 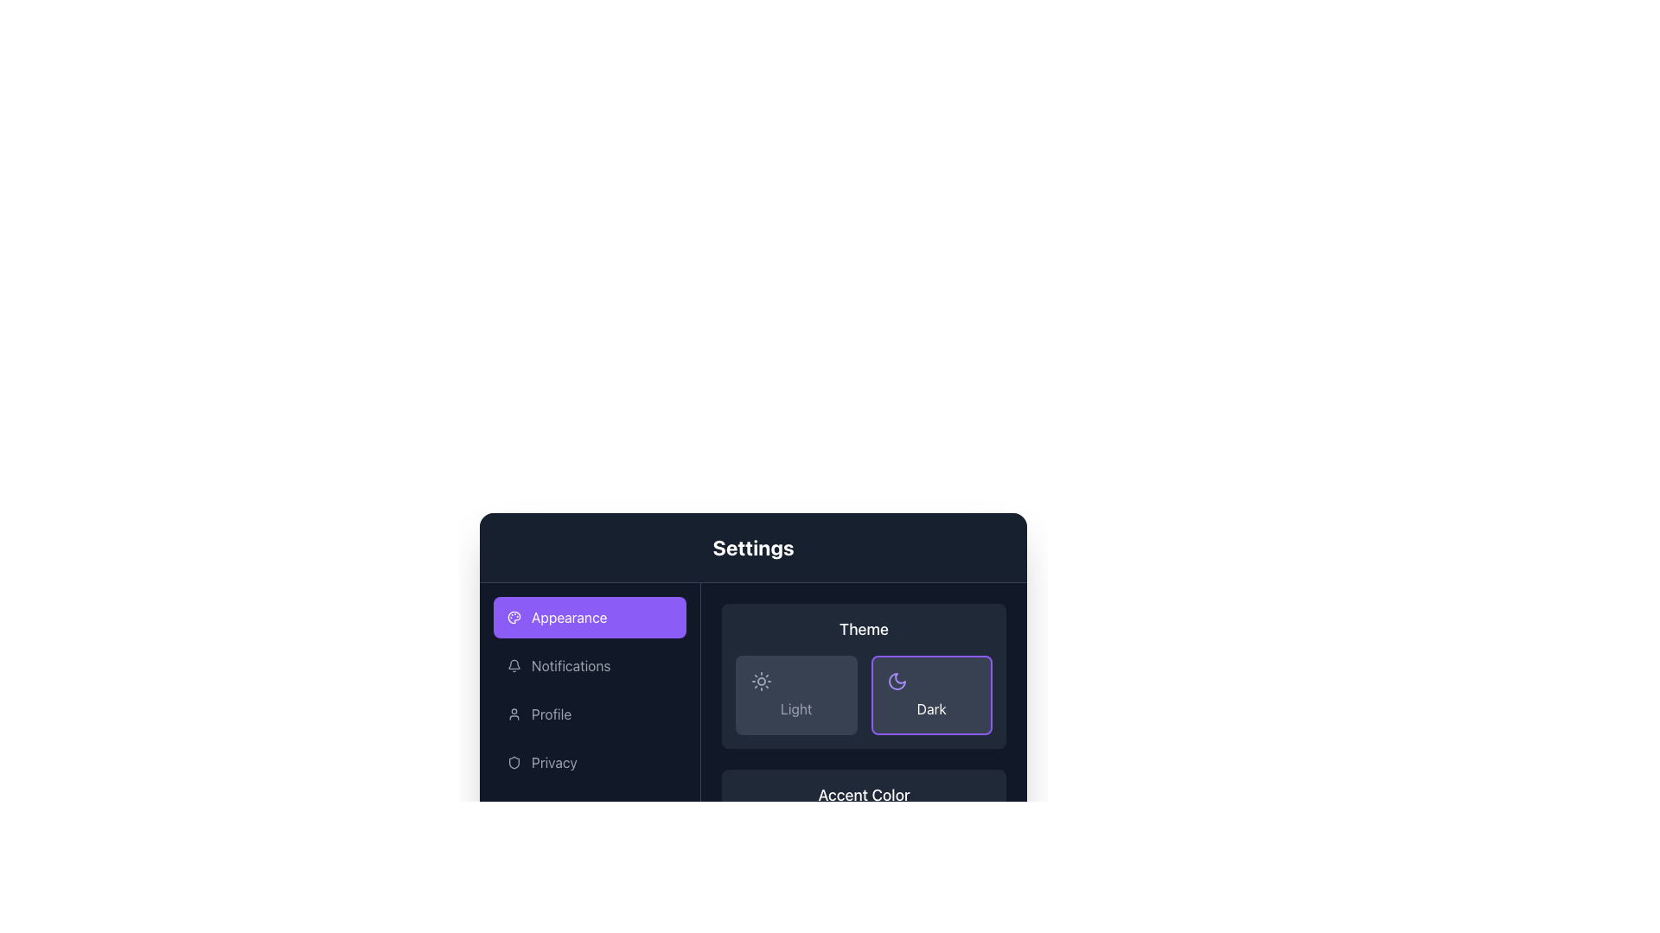 What do you see at coordinates (930, 709) in the screenshot?
I see `the descriptive label for the 'Dark' theme option, located underneath the moon icon in the 'Theme' selection section` at bounding box center [930, 709].